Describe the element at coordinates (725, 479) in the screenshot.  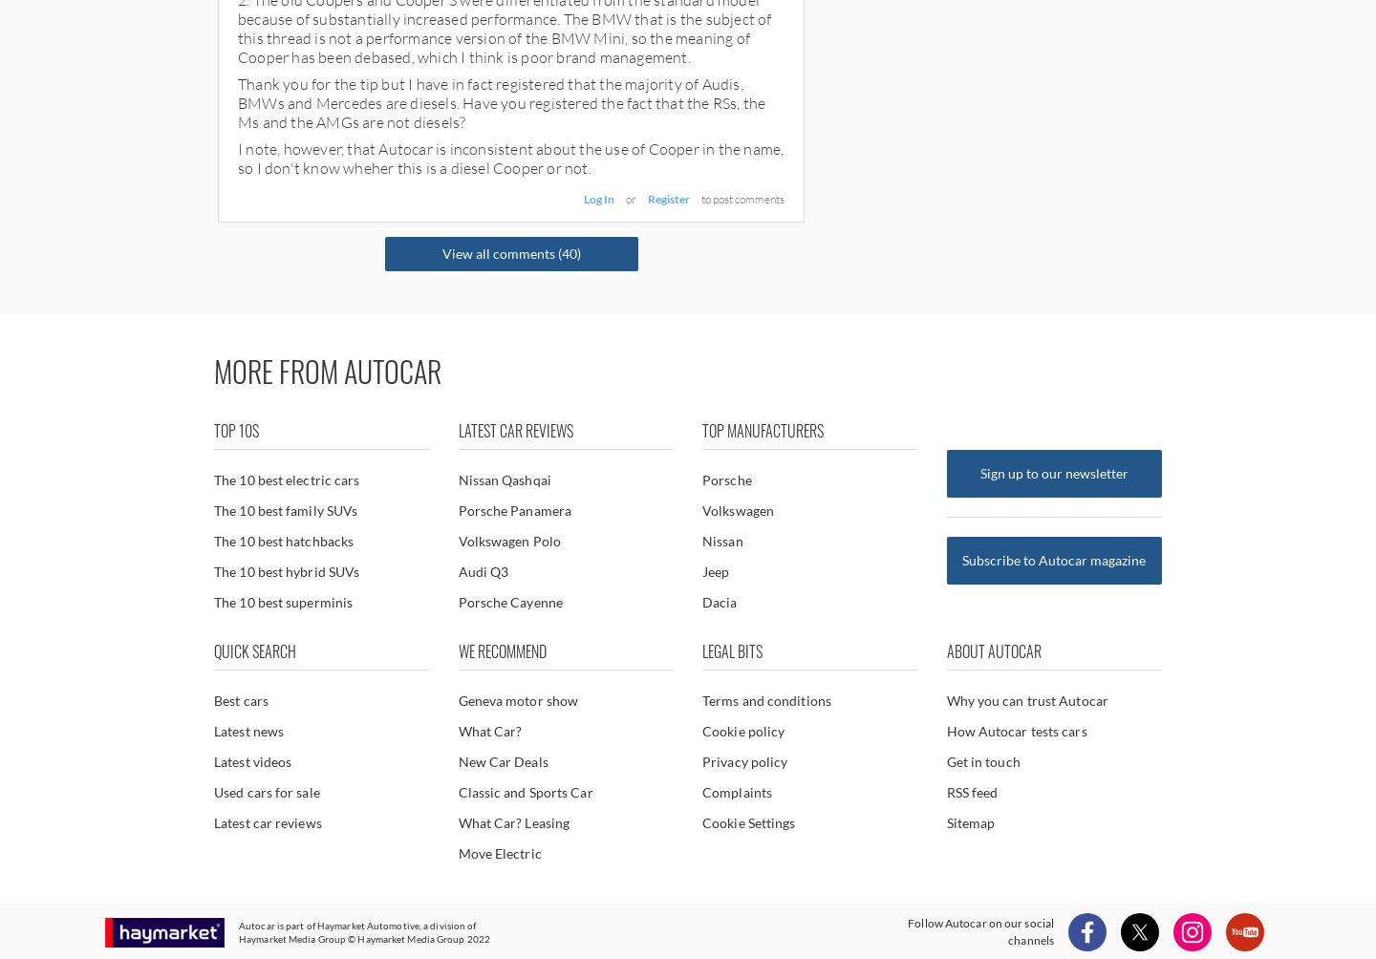
I see `'Porsche'` at that location.